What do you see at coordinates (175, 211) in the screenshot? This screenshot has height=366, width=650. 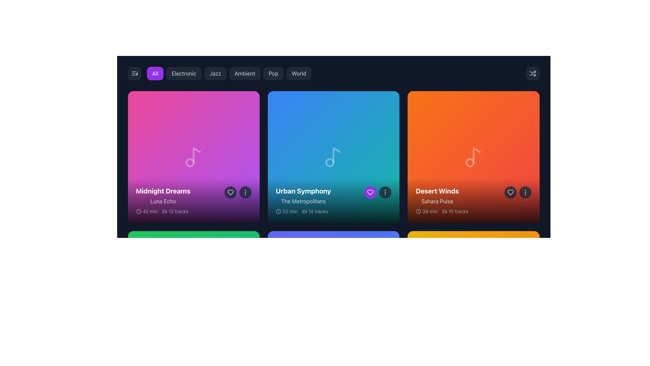 I see `metadata label with an icon located in the lower-left portion of the 'Midnight Dreams' card, next to the duration '45 min'` at bounding box center [175, 211].